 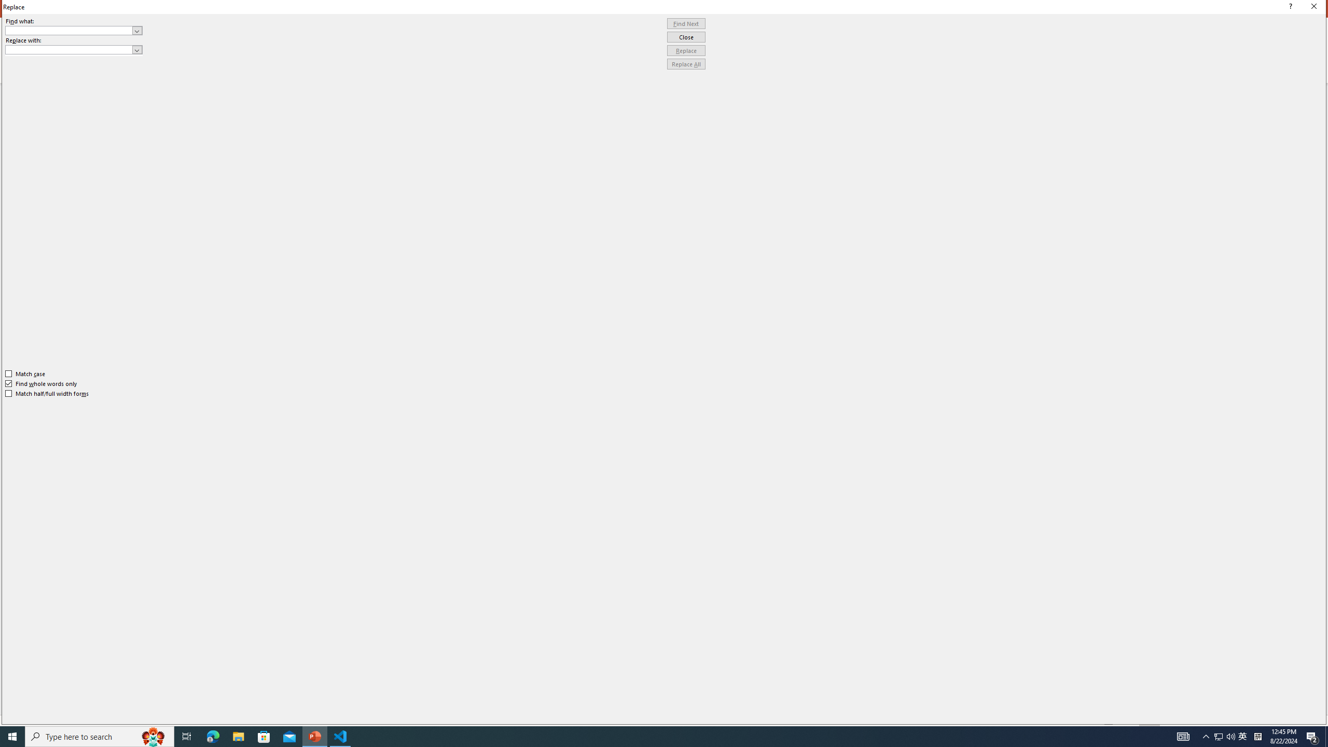 I want to click on 'Replace All', so click(x=686, y=63).